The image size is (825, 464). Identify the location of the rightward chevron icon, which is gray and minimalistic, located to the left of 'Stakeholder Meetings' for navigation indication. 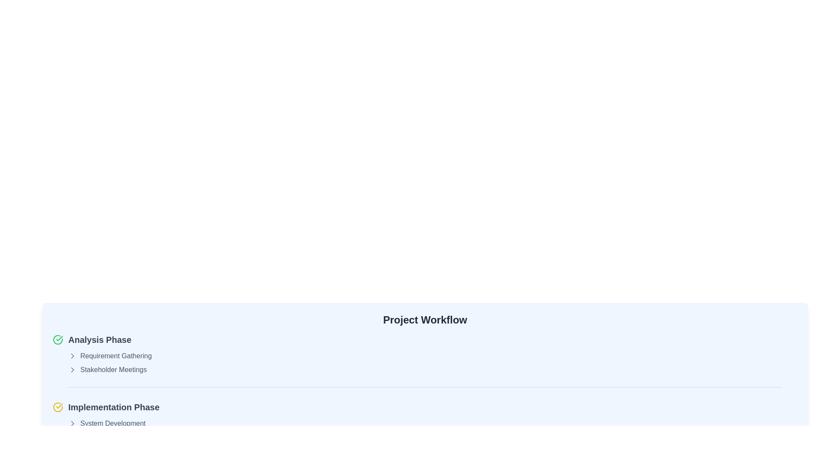
(72, 369).